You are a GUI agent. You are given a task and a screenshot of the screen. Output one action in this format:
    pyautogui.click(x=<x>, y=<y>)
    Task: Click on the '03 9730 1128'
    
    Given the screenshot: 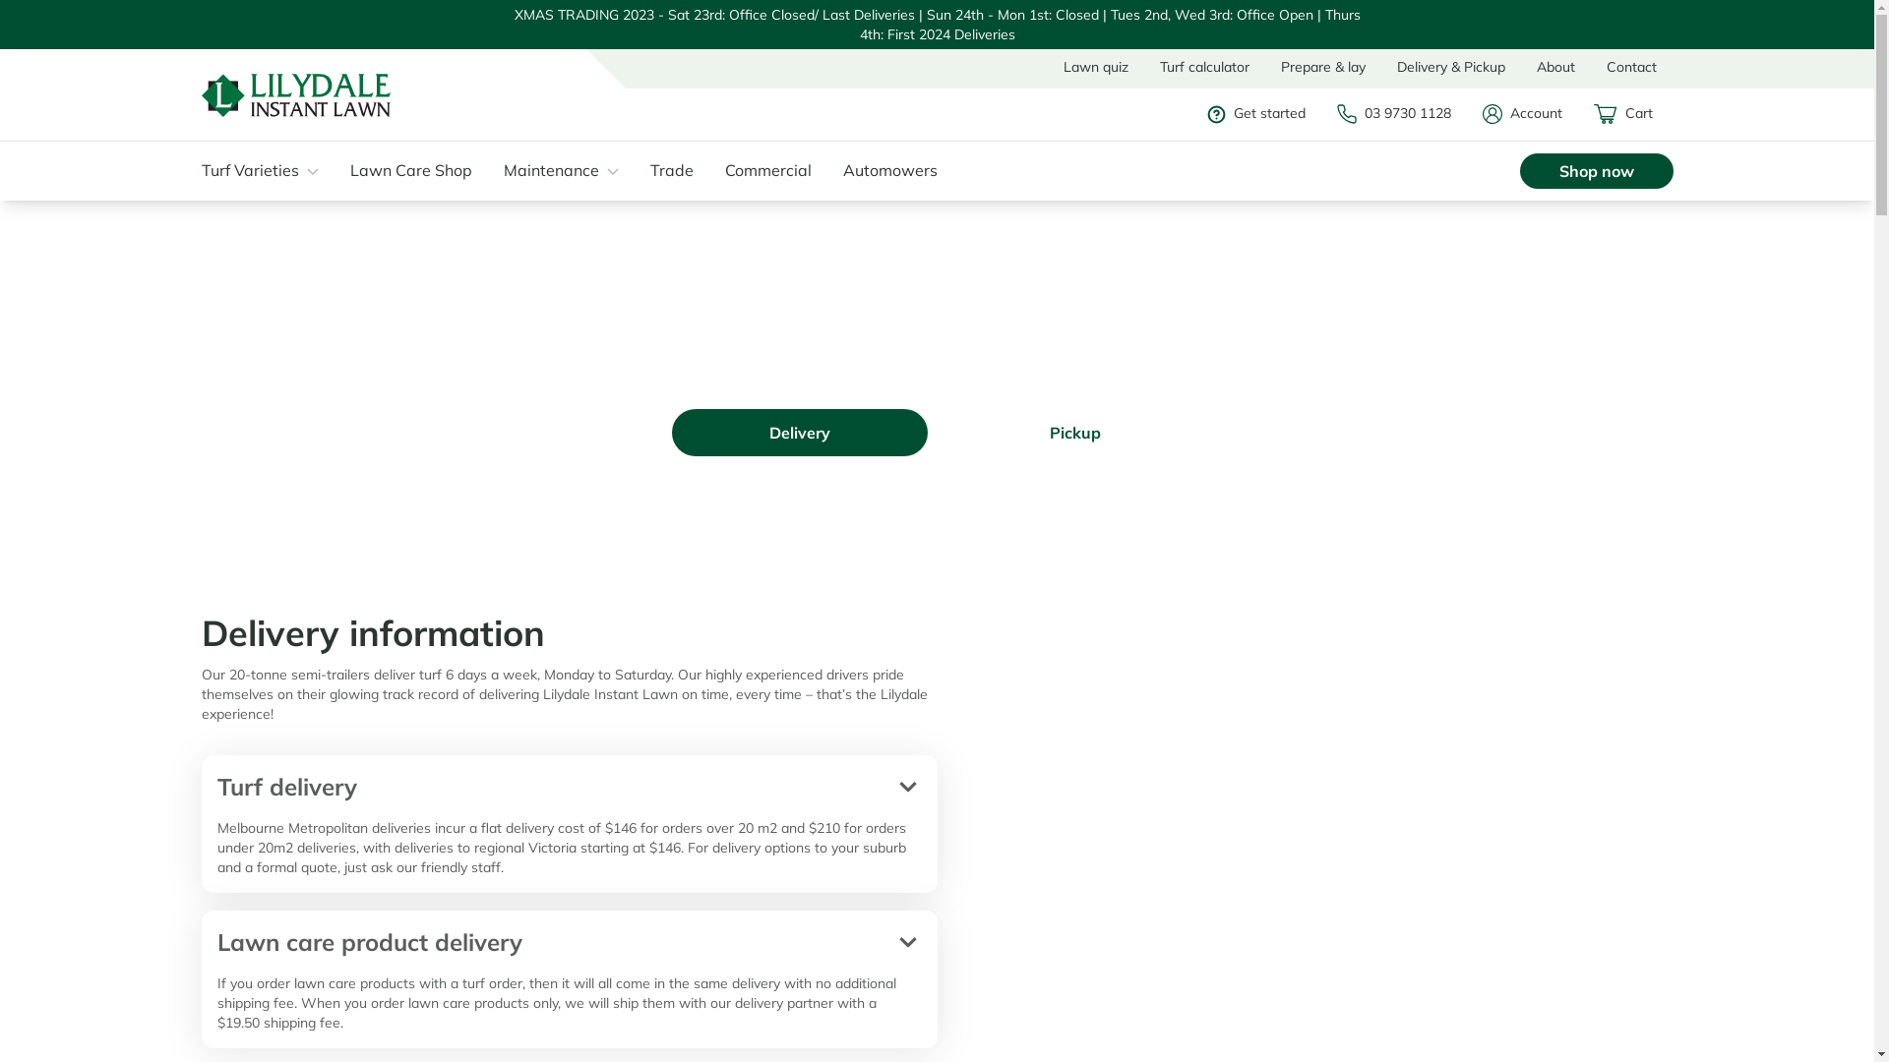 What is the action you would take?
    pyautogui.click(x=1402, y=113)
    